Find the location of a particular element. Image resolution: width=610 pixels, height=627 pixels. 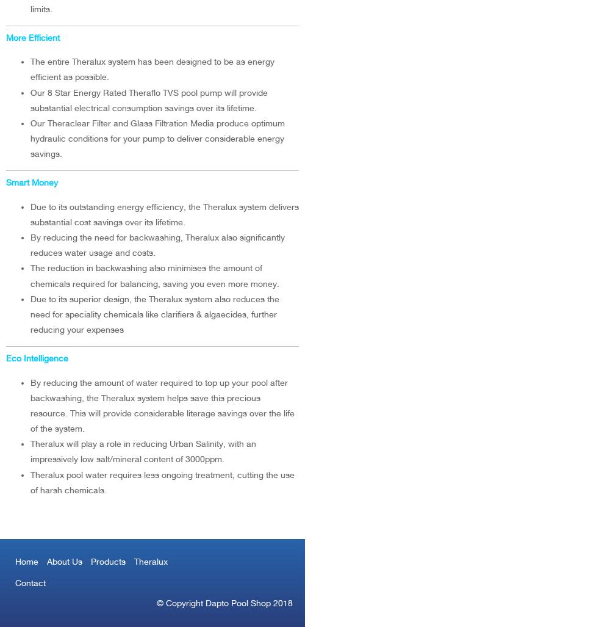

'Products' is located at coordinates (108, 561).